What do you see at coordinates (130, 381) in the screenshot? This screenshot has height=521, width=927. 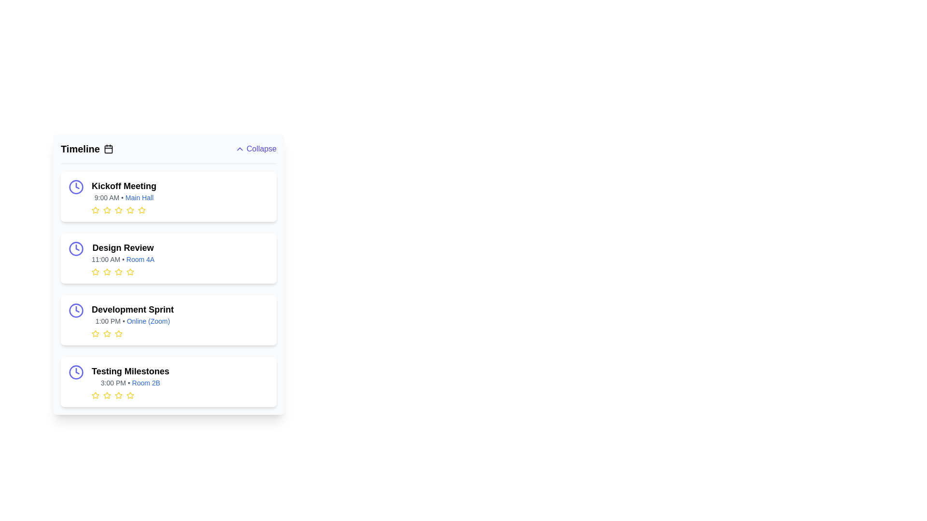 I see `the venue link in the 'Testing Milestones' text block` at bounding box center [130, 381].